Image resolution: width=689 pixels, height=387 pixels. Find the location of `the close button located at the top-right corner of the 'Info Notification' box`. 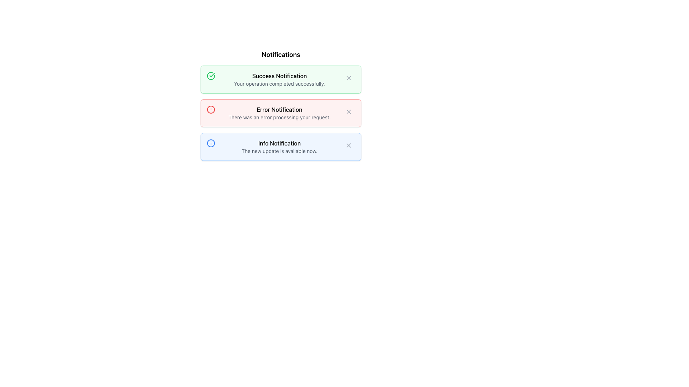

the close button located at the top-right corner of the 'Info Notification' box is located at coordinates (348, 145).